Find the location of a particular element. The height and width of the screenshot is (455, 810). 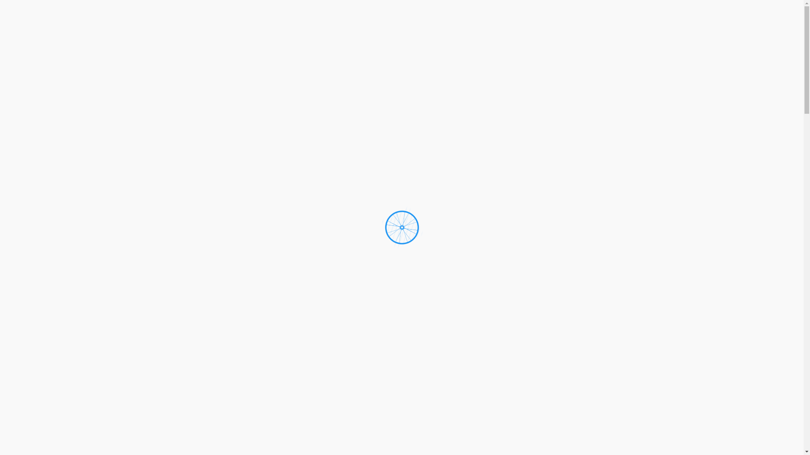

'HOME' is located at coordinates (521, 41).